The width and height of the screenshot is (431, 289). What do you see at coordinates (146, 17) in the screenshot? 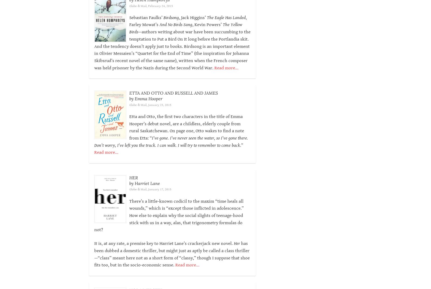
I see `'Sebastian Faulks’'` at bounding box center [146, 17].